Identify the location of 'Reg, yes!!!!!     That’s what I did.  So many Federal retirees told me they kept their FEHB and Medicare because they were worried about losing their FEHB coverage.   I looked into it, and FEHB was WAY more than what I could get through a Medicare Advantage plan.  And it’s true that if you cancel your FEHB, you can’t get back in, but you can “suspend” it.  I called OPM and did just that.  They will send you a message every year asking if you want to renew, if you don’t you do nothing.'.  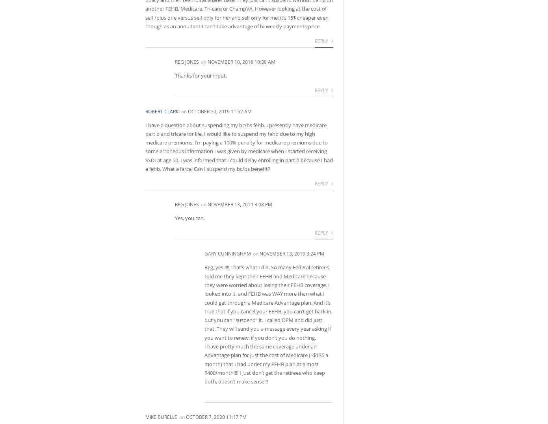
(268, 302).